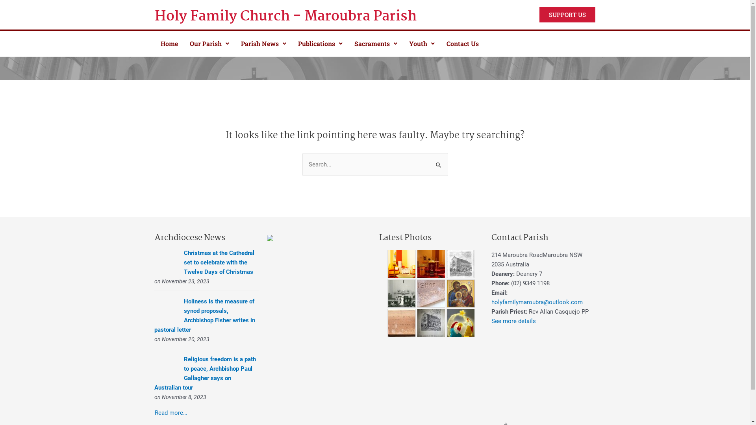 The width and height of the screenshot is (756, 425). I want to click on 'SUPPORT US', so click(567, 15).